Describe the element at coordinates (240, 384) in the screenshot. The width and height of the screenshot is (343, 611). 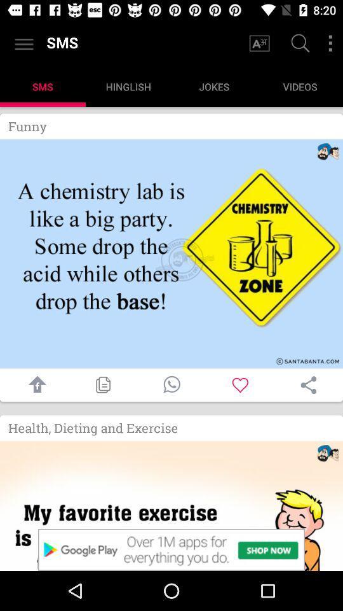
I see `image` at that location.